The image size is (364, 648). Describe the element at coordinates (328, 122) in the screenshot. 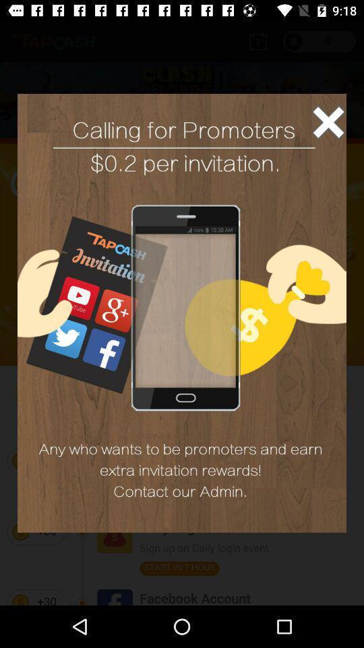

I see `exit advertisement` at that location.